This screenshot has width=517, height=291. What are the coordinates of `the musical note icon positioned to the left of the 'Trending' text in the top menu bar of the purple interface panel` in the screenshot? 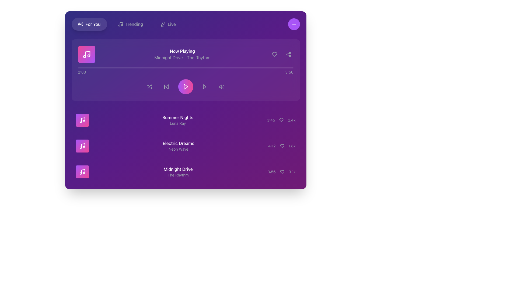 It's located at (120, 24).